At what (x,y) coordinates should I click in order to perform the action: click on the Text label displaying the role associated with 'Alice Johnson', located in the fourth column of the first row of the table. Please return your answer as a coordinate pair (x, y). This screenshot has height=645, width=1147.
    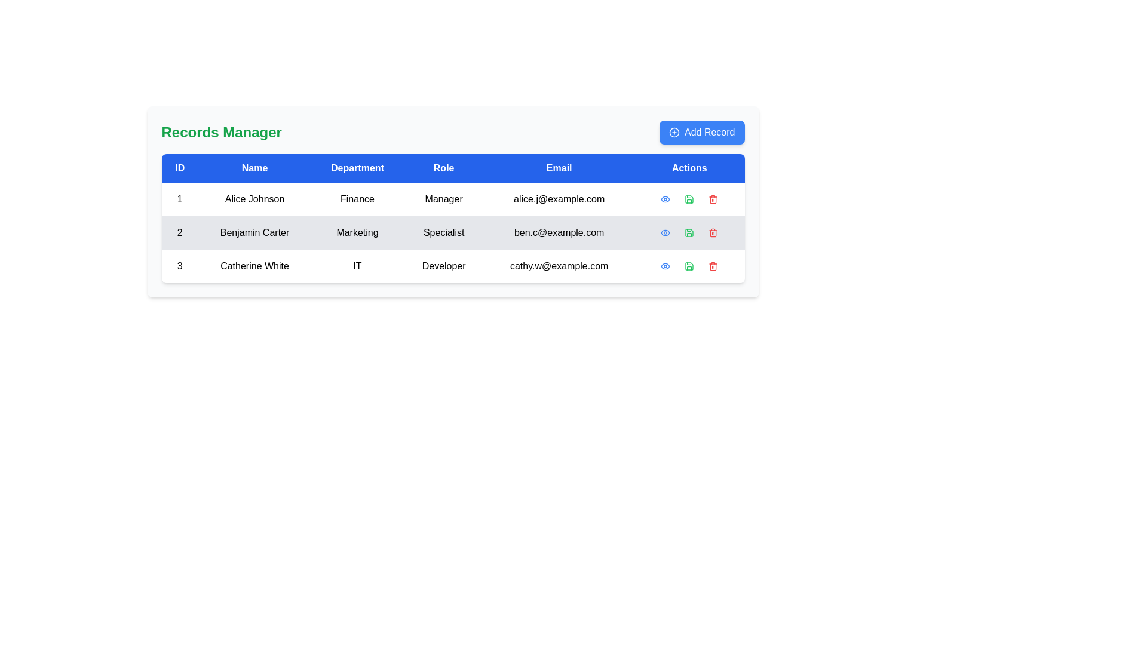
    Looking at the image, I should click on (443, 199).